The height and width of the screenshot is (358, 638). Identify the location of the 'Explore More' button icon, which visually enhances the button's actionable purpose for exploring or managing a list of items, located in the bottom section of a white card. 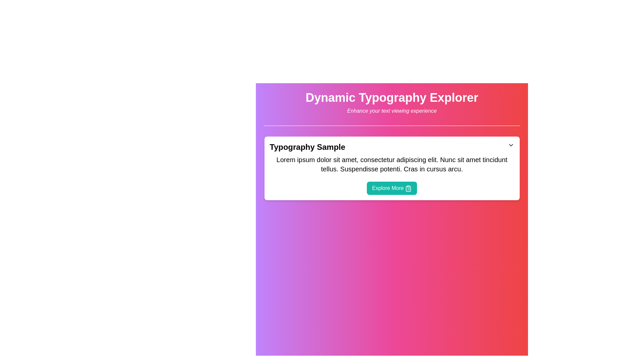
(408, 188).